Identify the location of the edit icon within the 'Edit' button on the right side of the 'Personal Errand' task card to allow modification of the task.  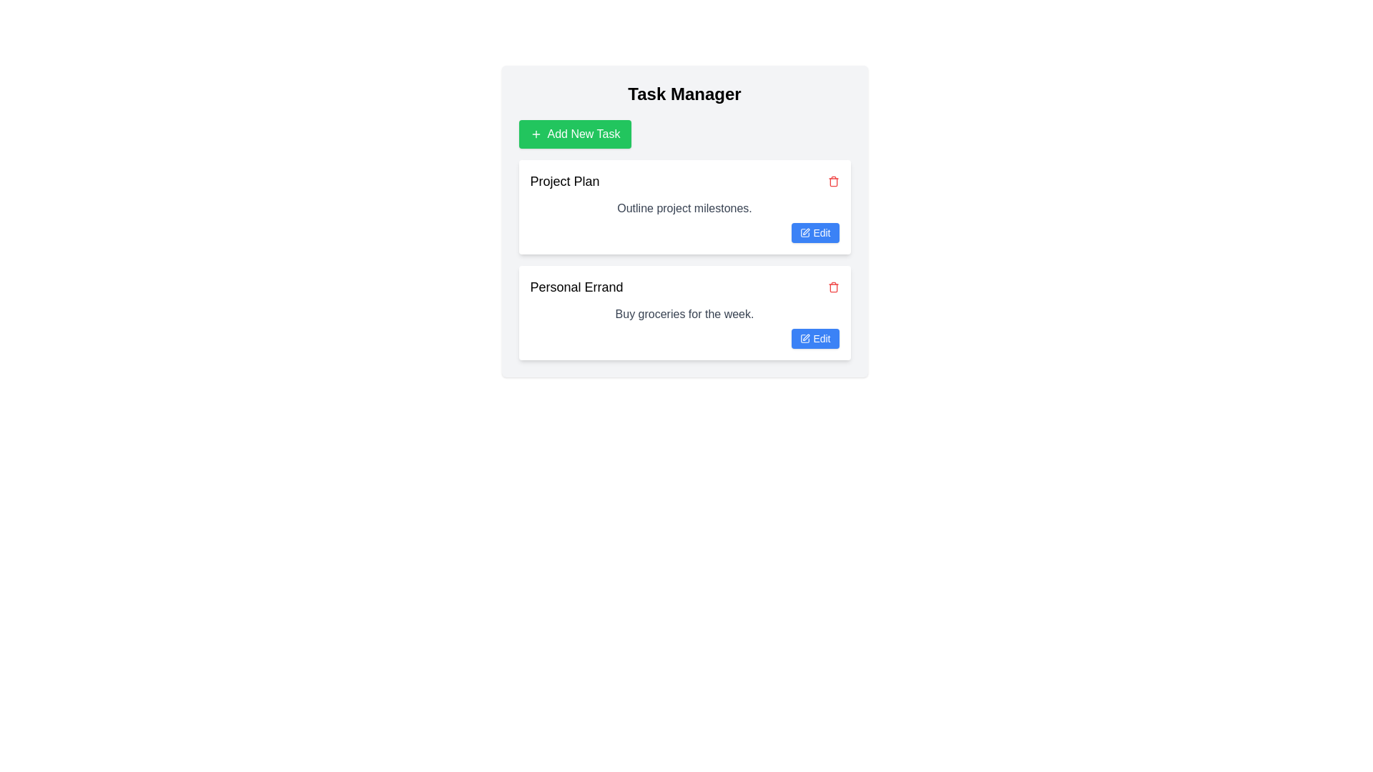
(805, 339).